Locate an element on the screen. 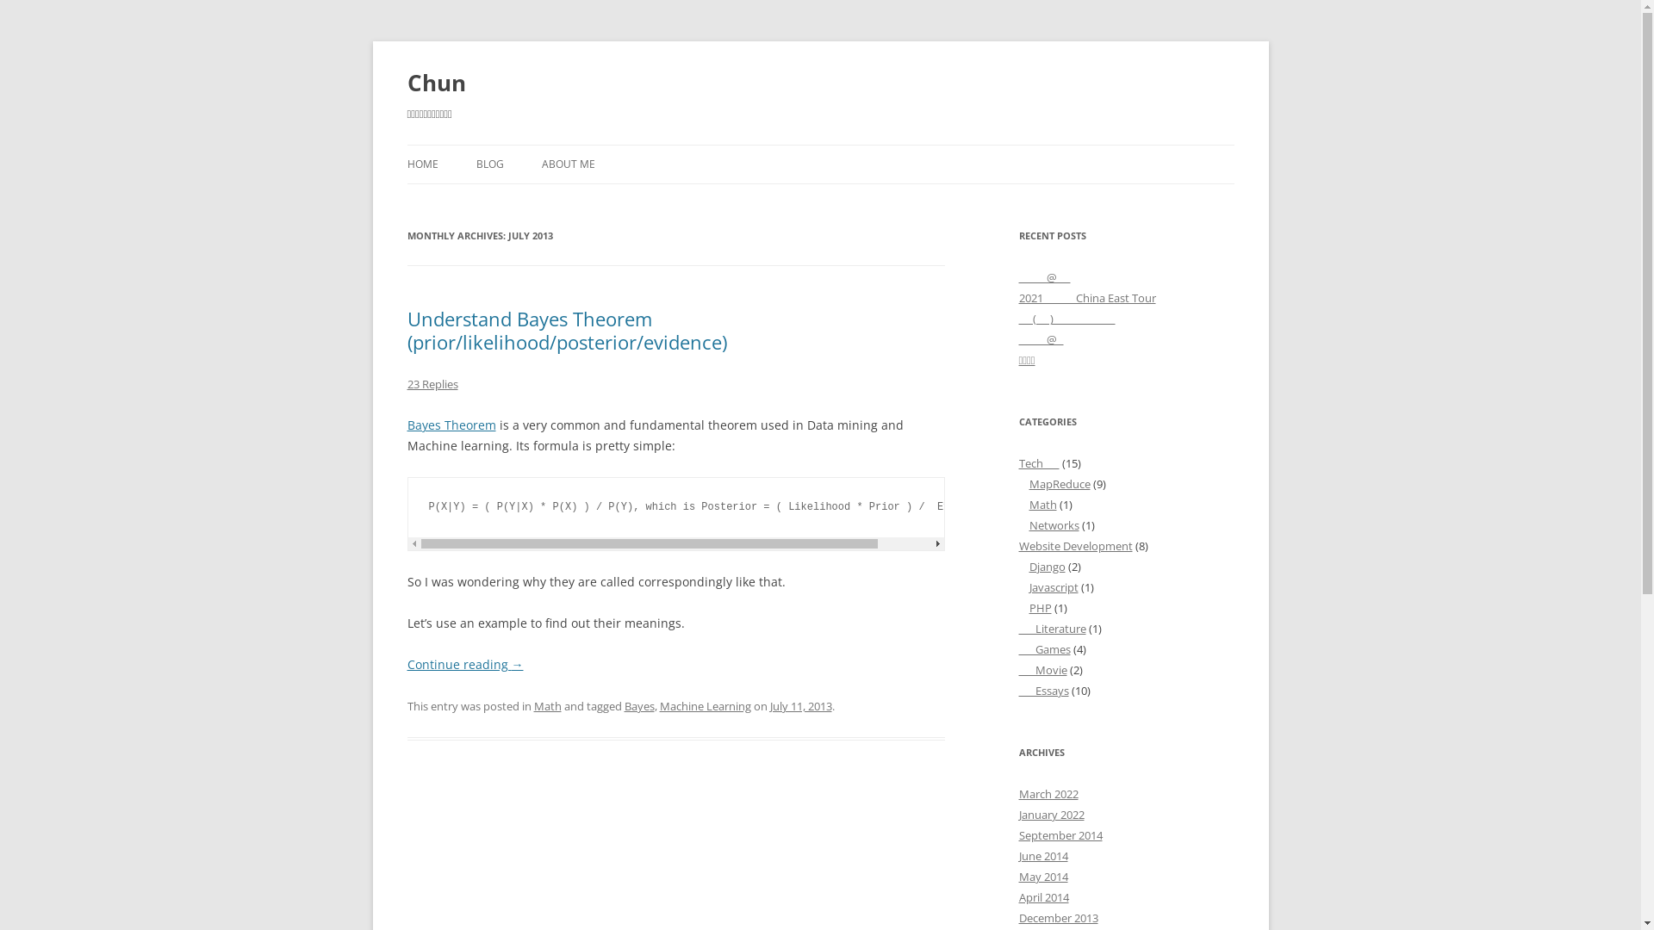 This screenshot has width=1654, height=930. 'Chun' is located at coordinates (435, 83).